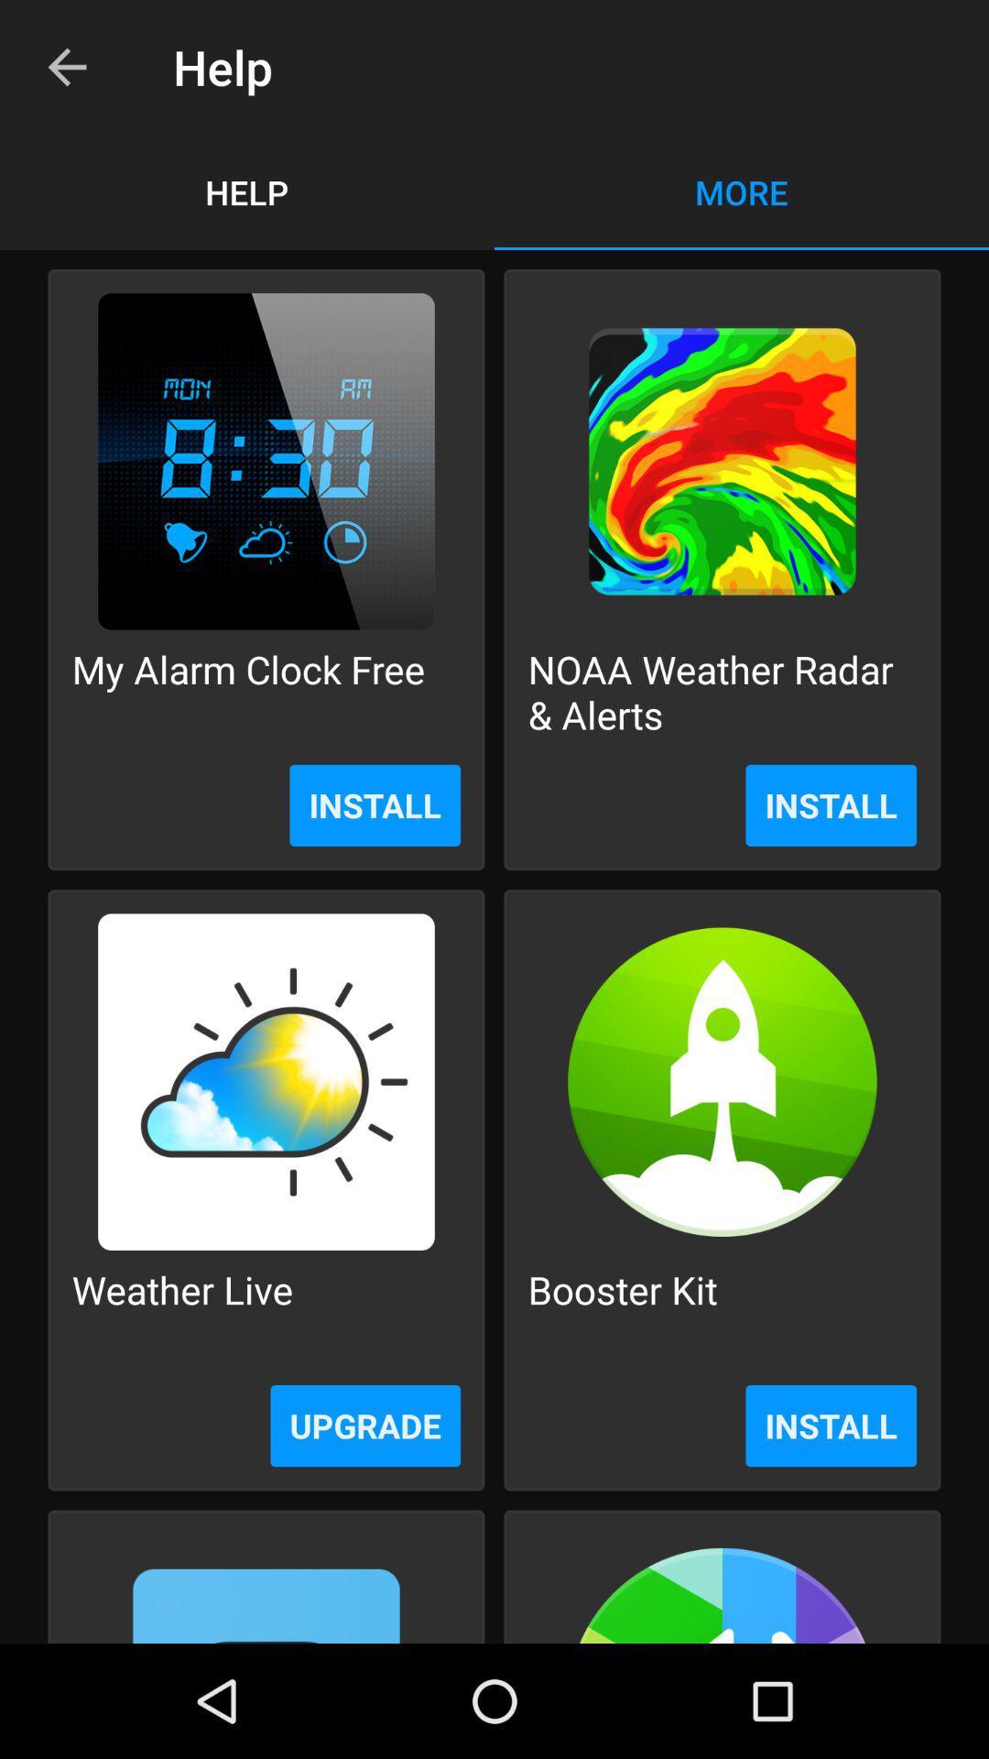  I want to click on the item below the weather live item, so click(365, 1425).